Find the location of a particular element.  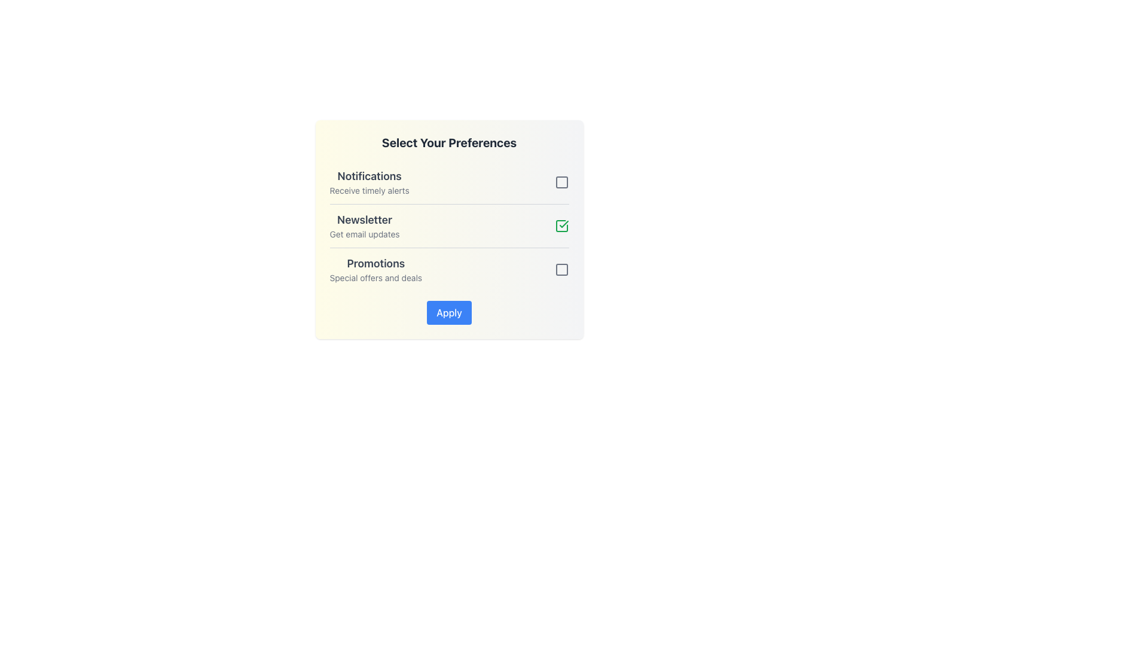

informational text label describing the subscription option for email updates, located between the 'Notifications' and 'Promotions' options, with a checkbox to its right is located at coordinates (364, 226).